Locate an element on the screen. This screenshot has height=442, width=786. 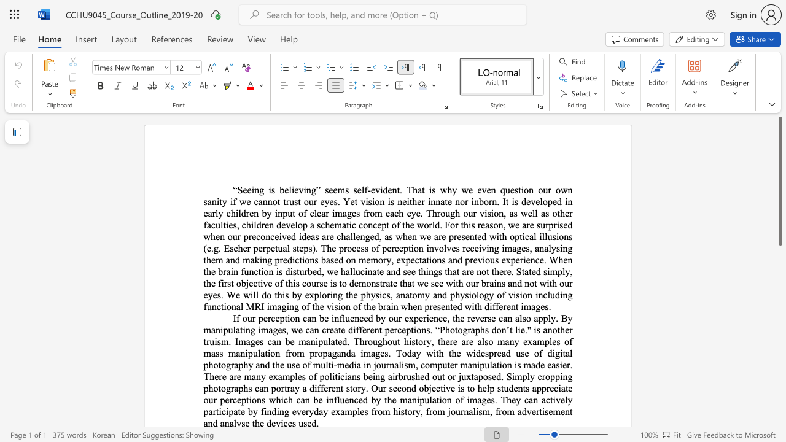
the scrollbar on the right to move the page downward is located at coordinates (779, 393).